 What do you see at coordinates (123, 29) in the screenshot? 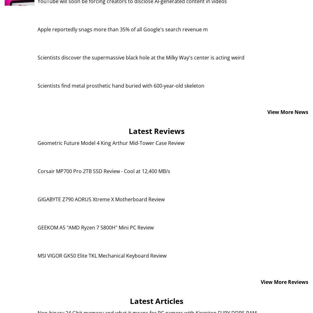
I see `'Apple reportedly snags more than 35% of all Google's search revenue m'` at bounding box center [123, 29].